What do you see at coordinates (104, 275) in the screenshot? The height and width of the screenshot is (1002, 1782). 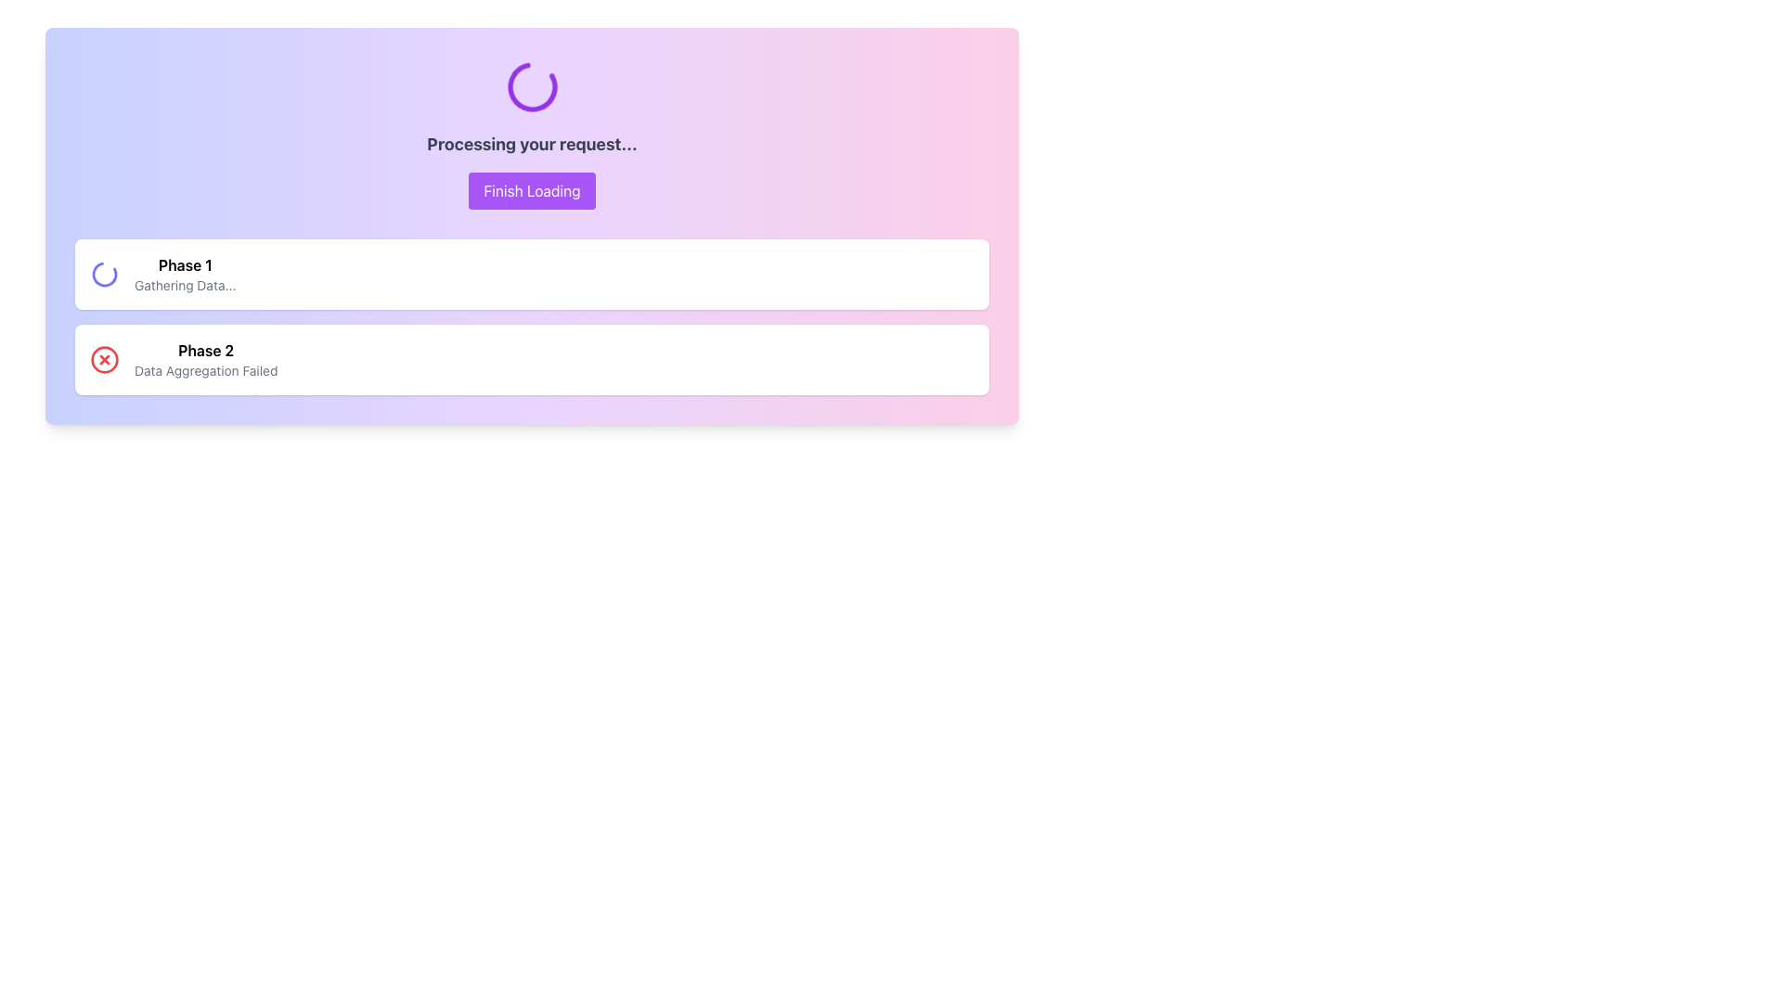 I see `the circular animated loading indicator styled in indigo located at the top-left corner of the 'Phase 1' section below the 'Processing your request' header` at bounding box center [104, 275].